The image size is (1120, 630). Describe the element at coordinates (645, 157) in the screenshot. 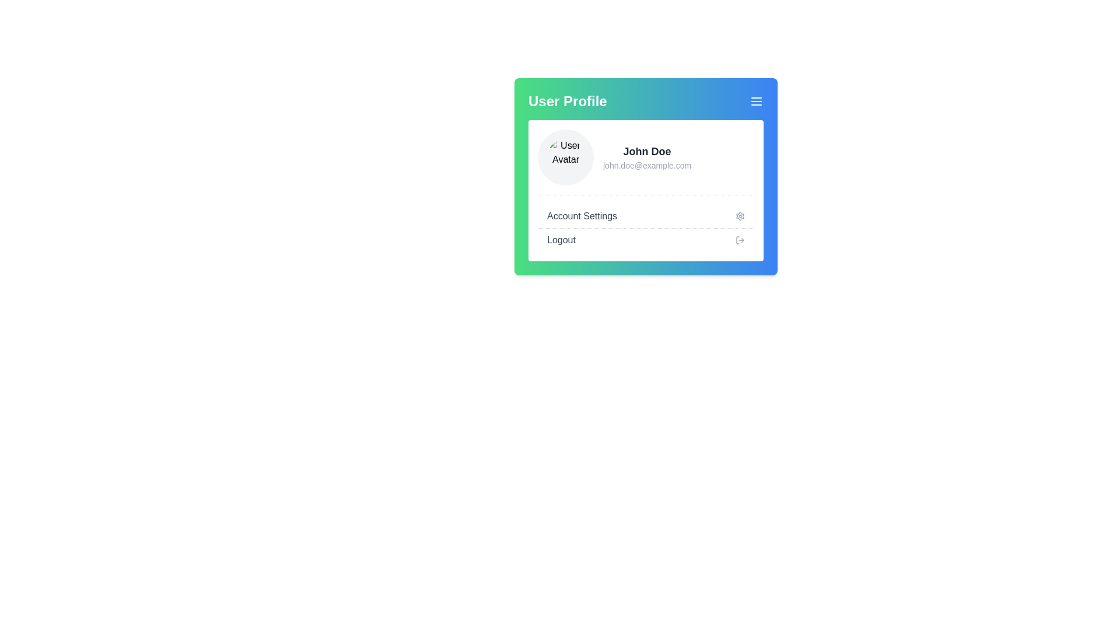

I see `displayed information from the user profile header, which includes the avatar, name, and email of the current user` at that location.